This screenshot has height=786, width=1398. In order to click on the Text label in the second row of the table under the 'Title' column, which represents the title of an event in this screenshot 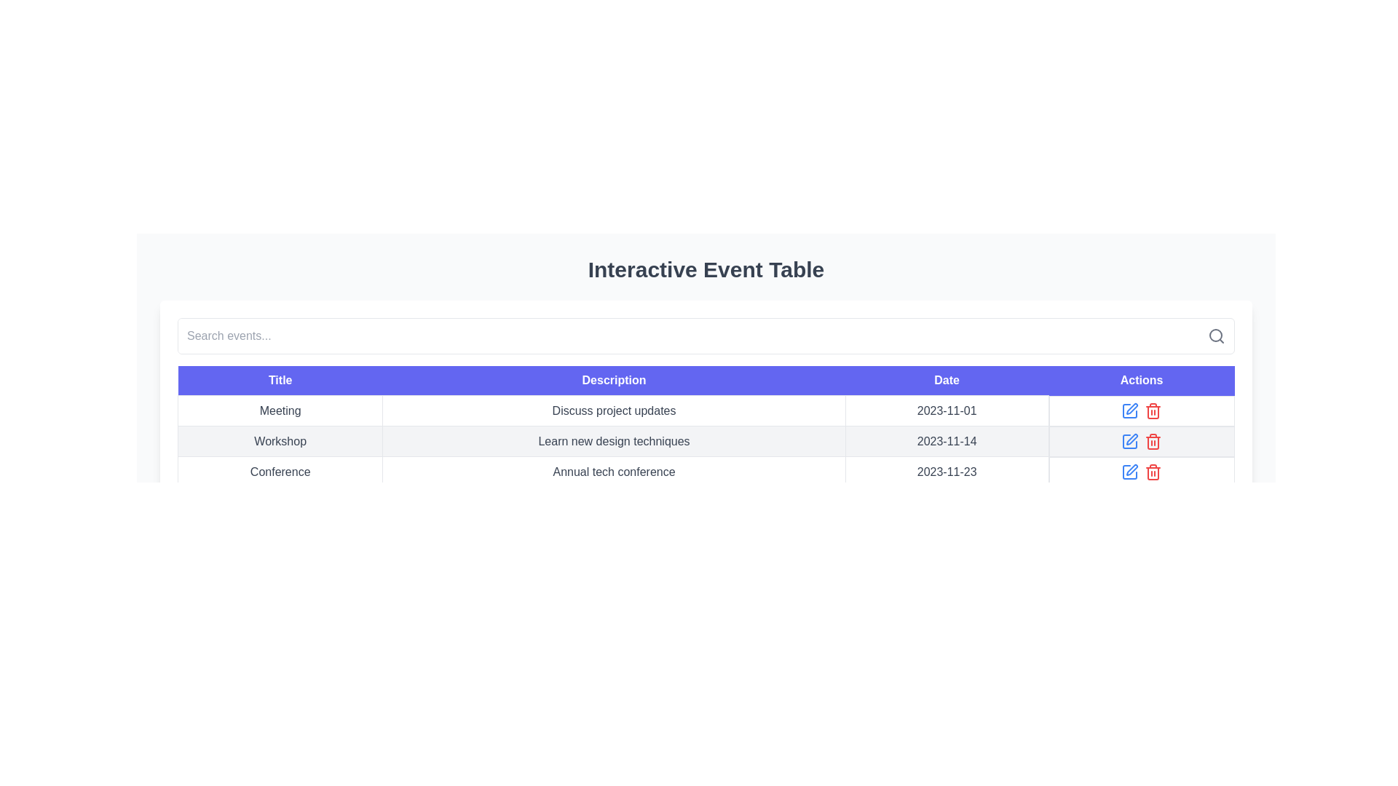, I will do `click(280, 440)`.